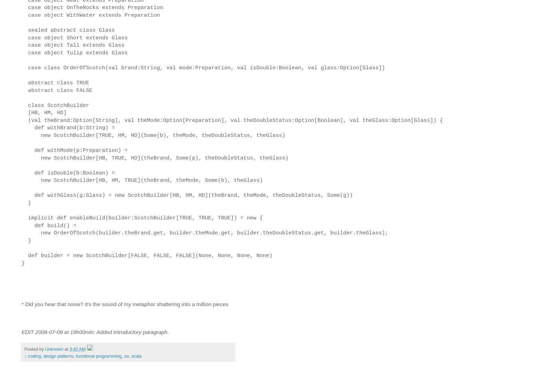 The height and width of the screenshot is (373, 538). I want to click on 'case object WithWater extends Preparation', so click(91, 14).